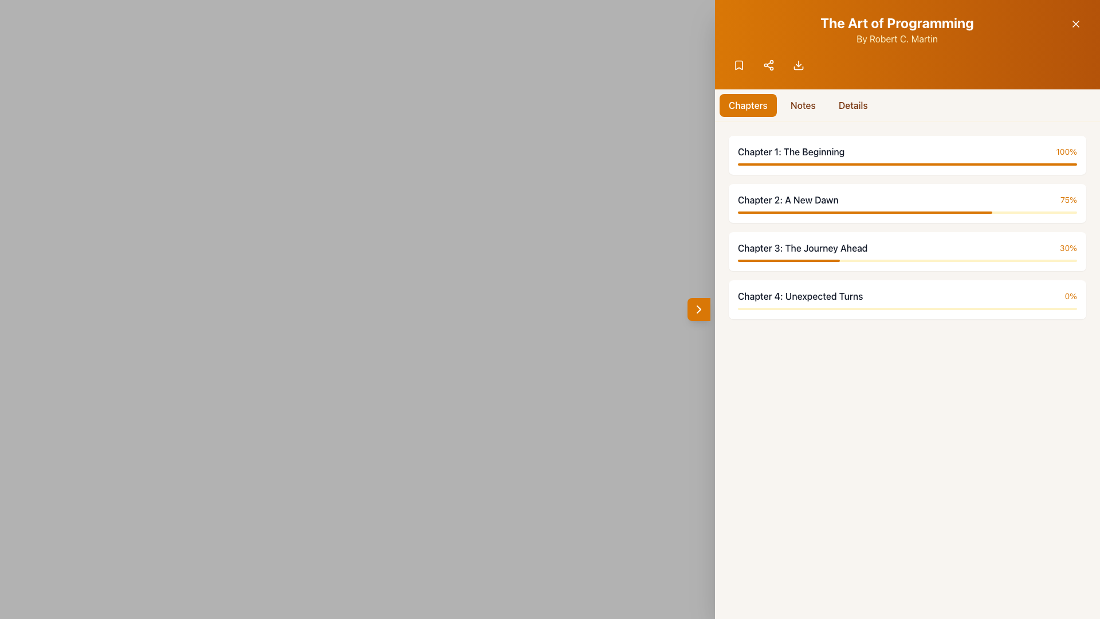  What do you see at coordinates (907, 247) in the screenshot?
I see `the displayed progress information of the third chapter progress indicator, which shows the title and completion status of the chapter in the list` at bounding box center [907, 247].